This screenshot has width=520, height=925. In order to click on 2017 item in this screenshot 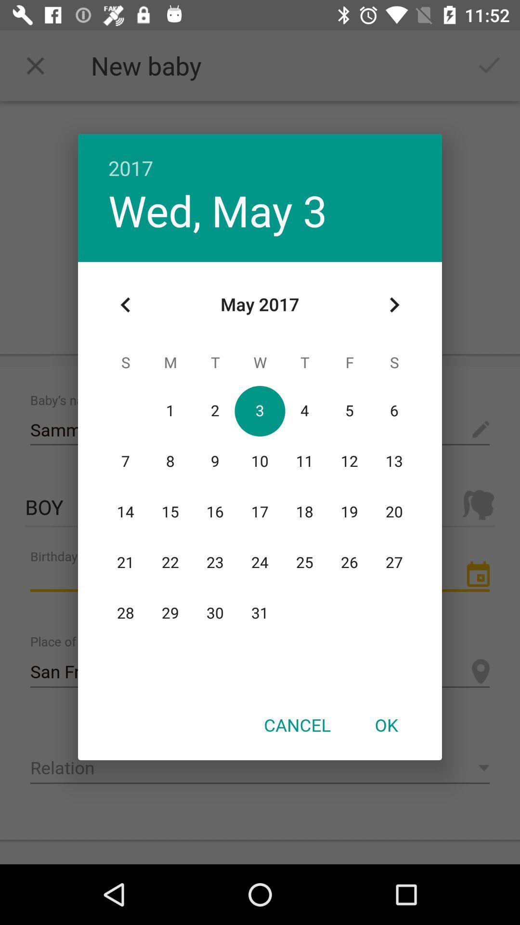, I will do `click(260, 158)`.